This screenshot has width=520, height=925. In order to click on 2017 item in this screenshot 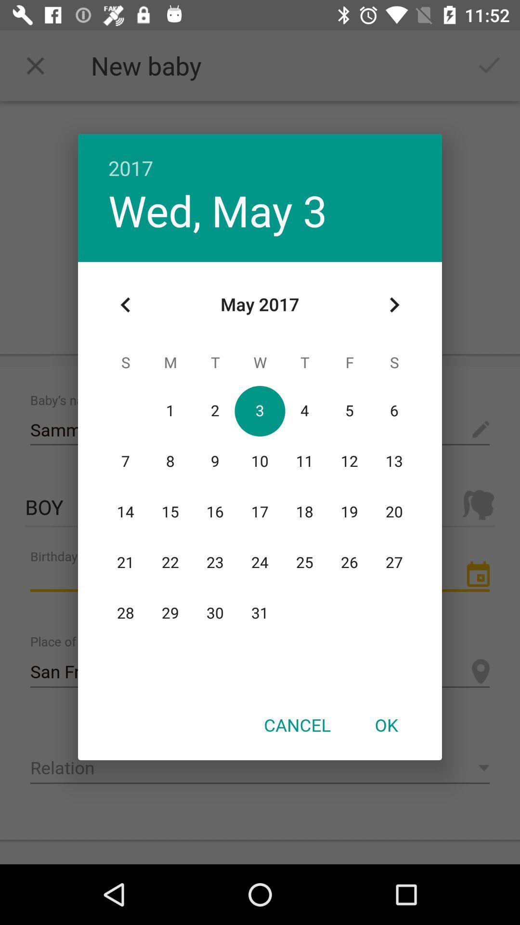, I will do `click(260, 158)`.